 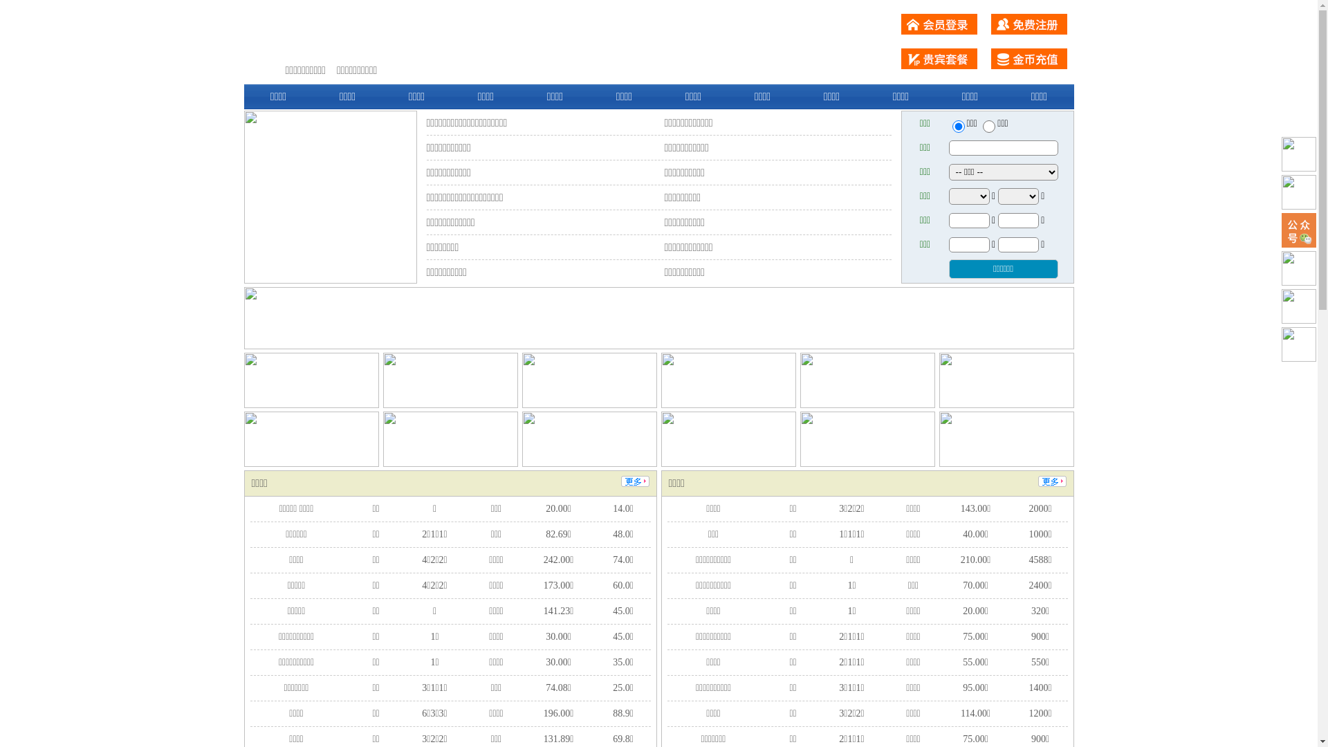 I want to click on 'ershou', so click(x=957, y=126).